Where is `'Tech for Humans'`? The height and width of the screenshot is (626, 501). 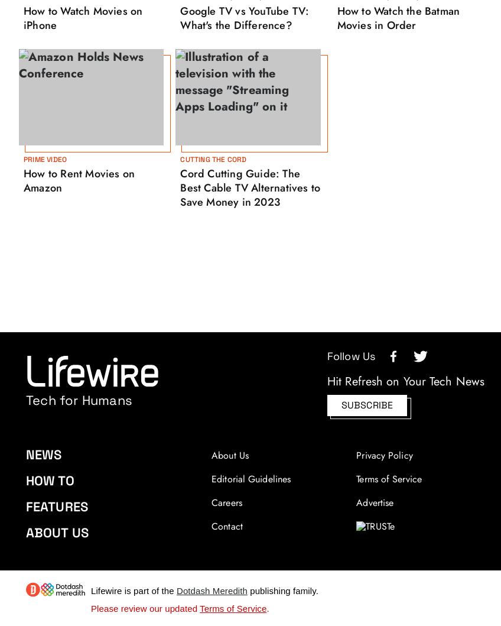 'Tech for Humans' is located at coordinates (25, 400).